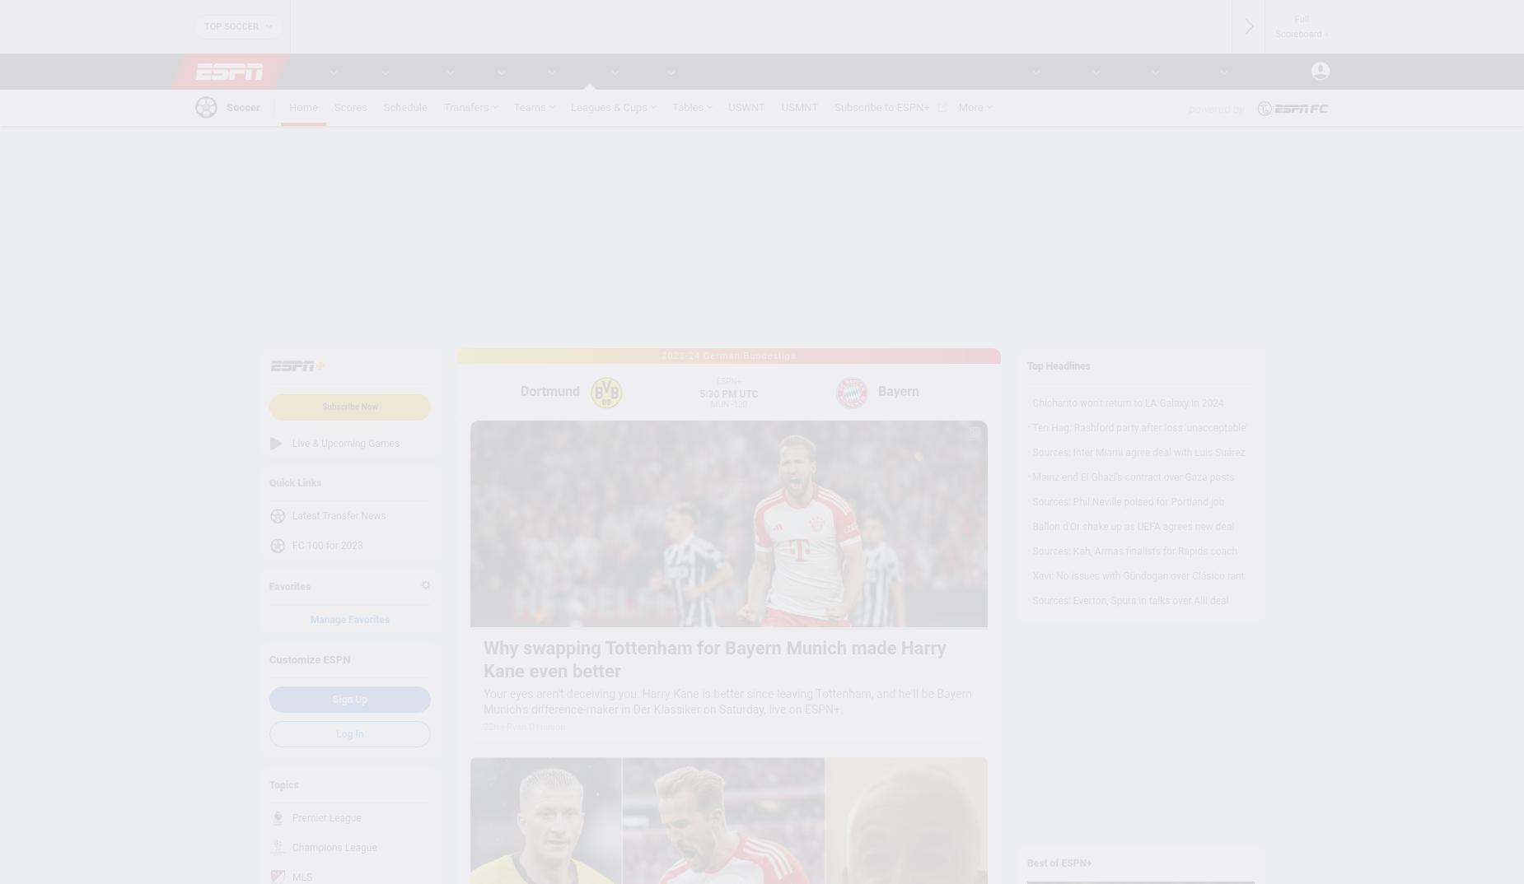 This screenshot has height=884, width=1524. Describe the element at coordinates (714, 658) in the screenshot. I see `'Why swapping Tottenham for Bayern Munich made Harry Kane even better'` at that location.